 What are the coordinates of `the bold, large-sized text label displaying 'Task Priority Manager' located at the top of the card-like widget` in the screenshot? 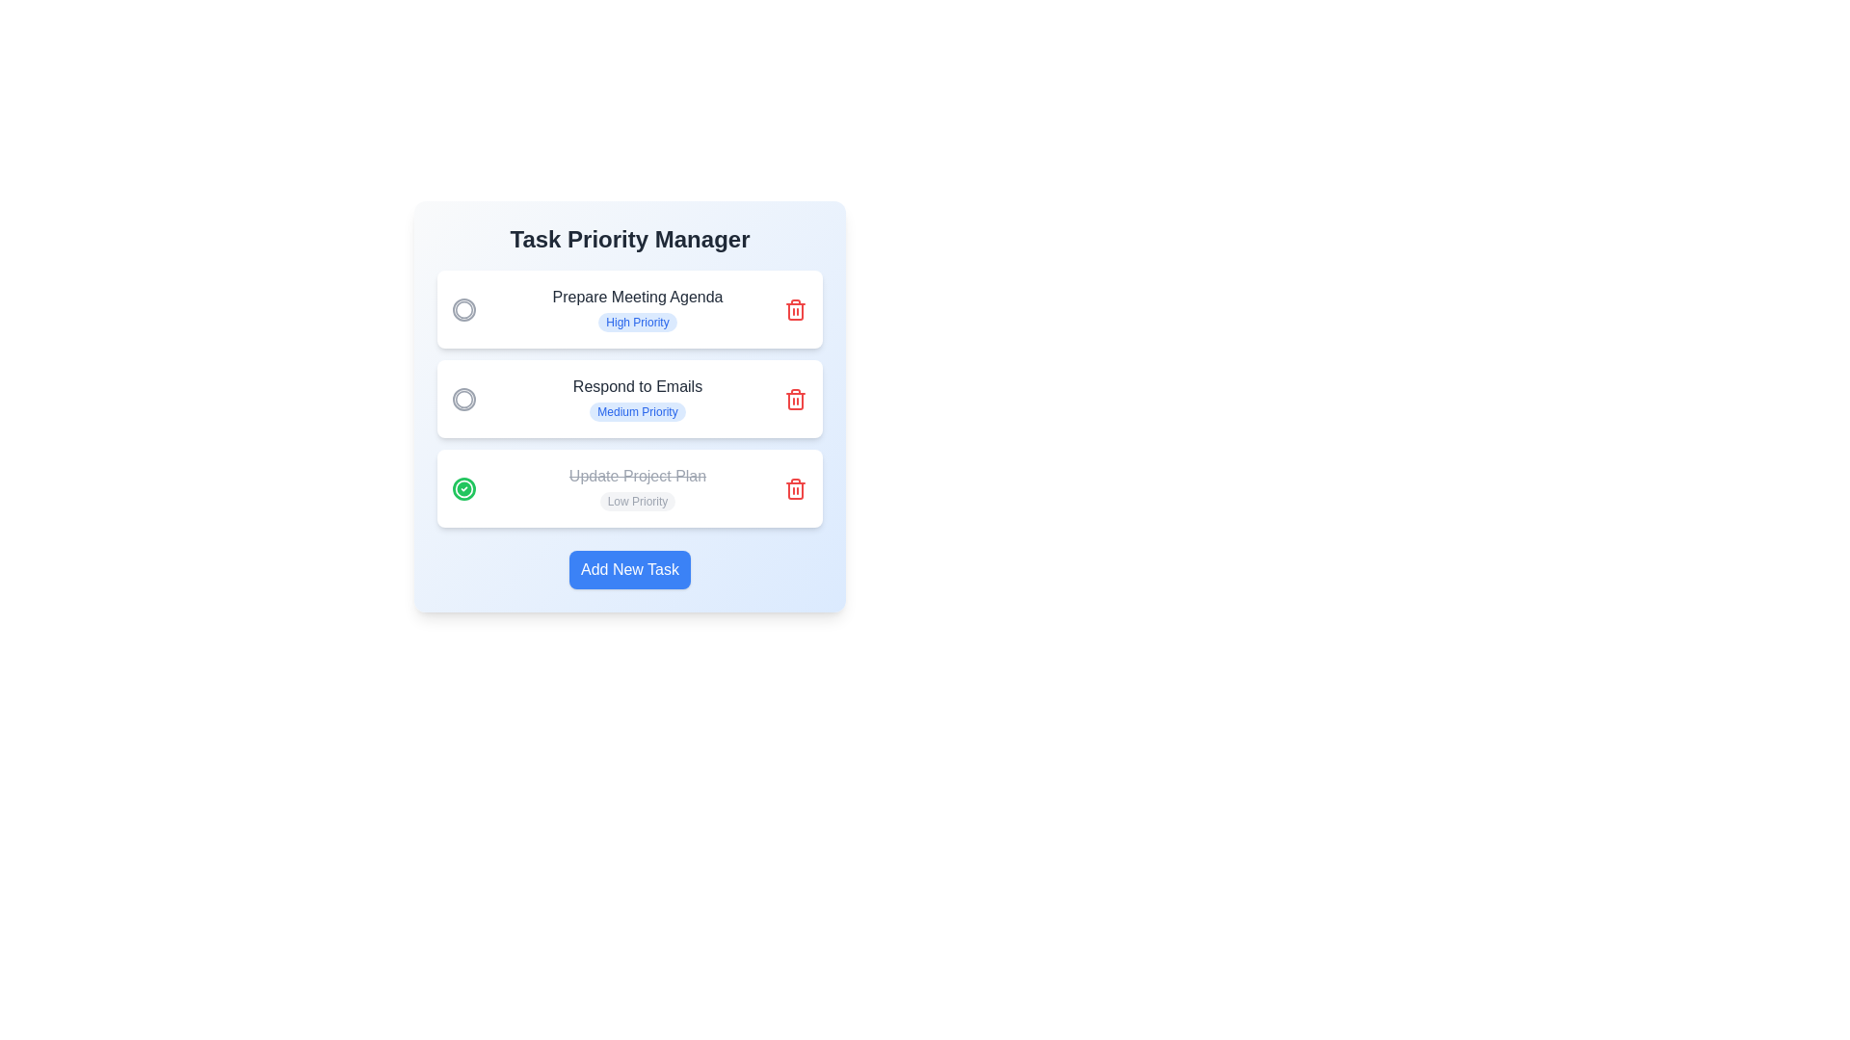 It's located at (629, 239).